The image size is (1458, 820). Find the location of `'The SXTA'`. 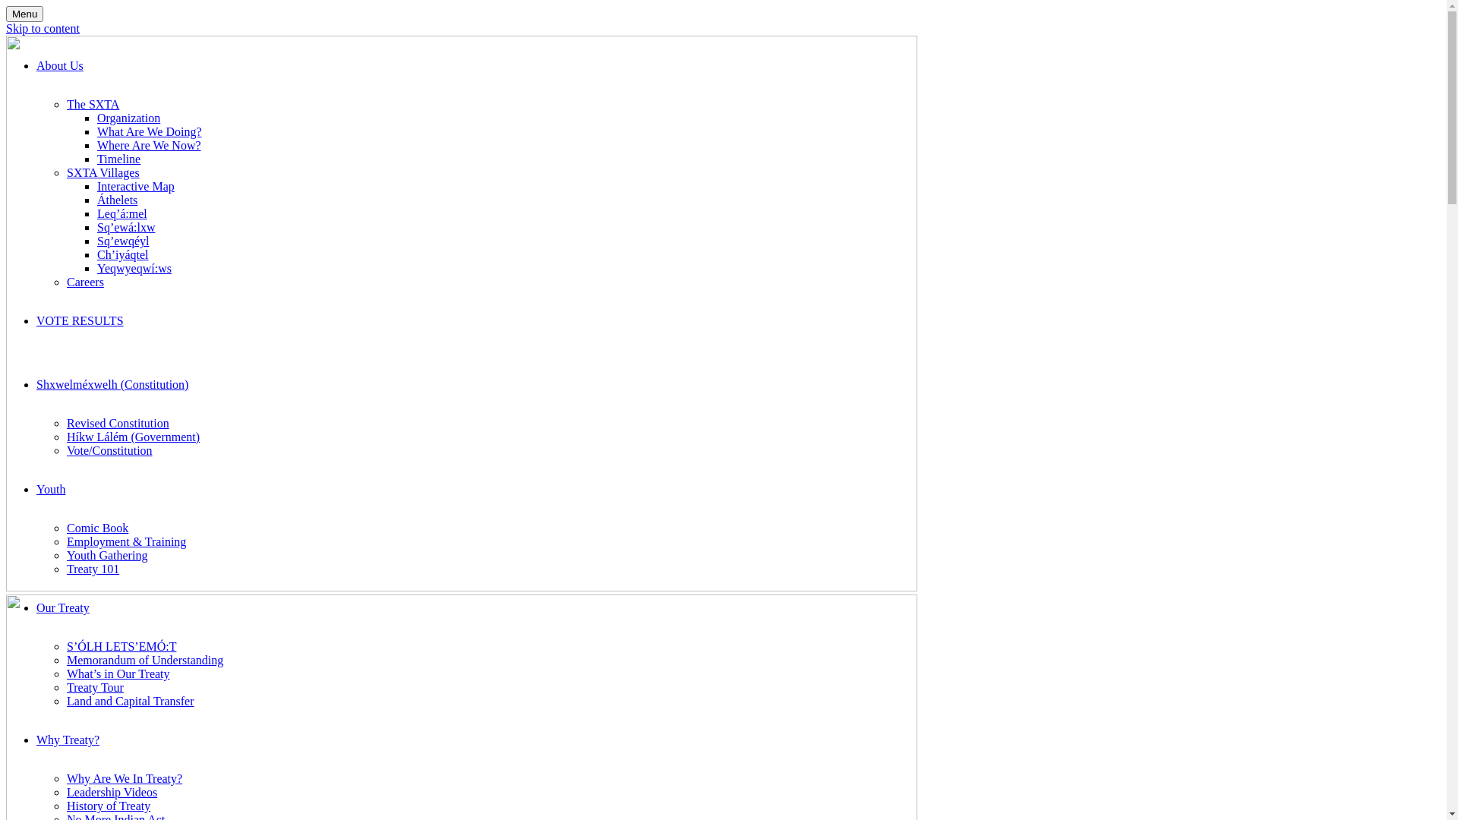

'The SXTA' is located at coordinates (92, 103).